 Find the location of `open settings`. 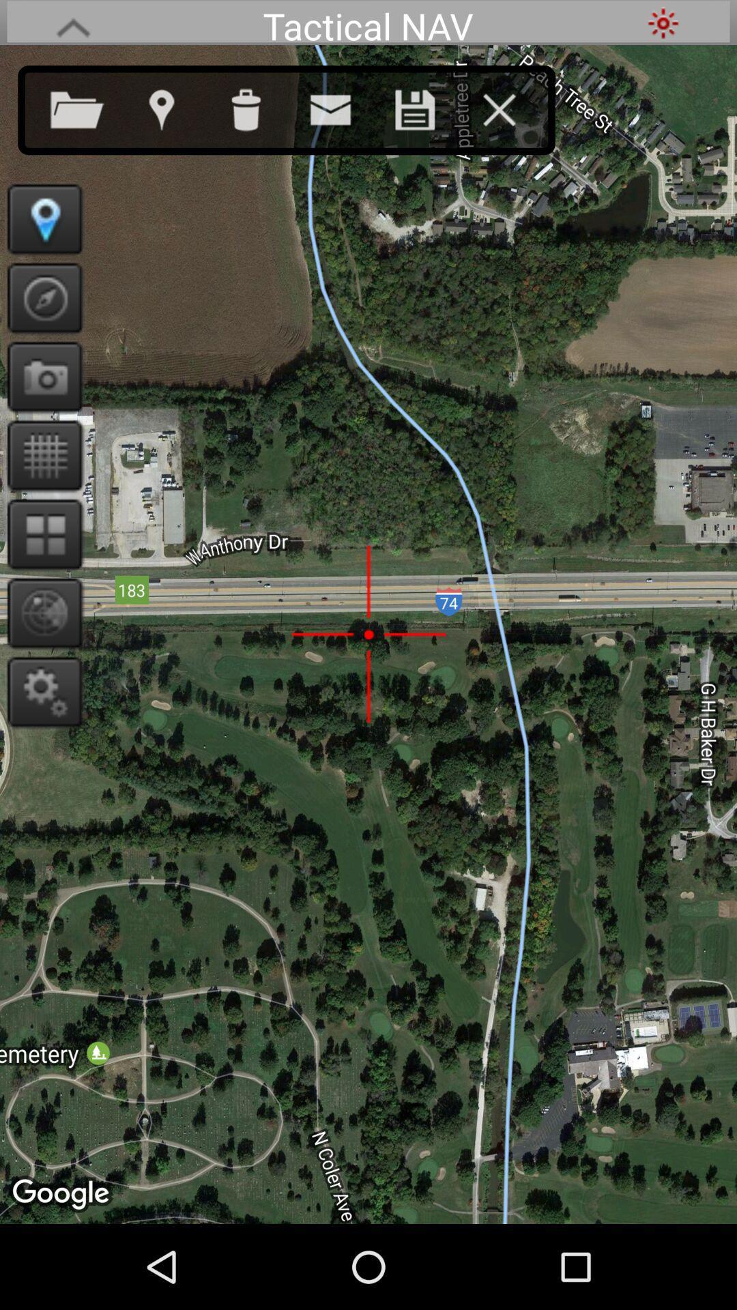

open settings is located at coordinates (40, 691).